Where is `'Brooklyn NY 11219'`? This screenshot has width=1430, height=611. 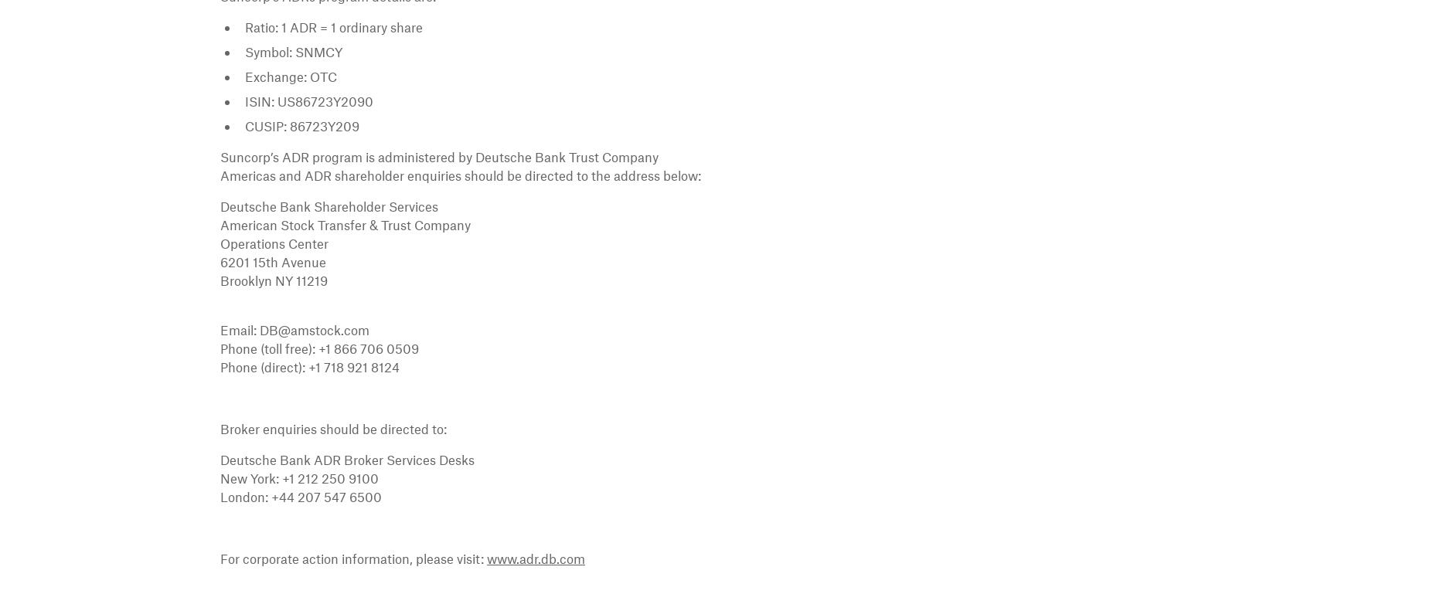
'Brooklyn NY 11219' is located at coordinates (273, 279).